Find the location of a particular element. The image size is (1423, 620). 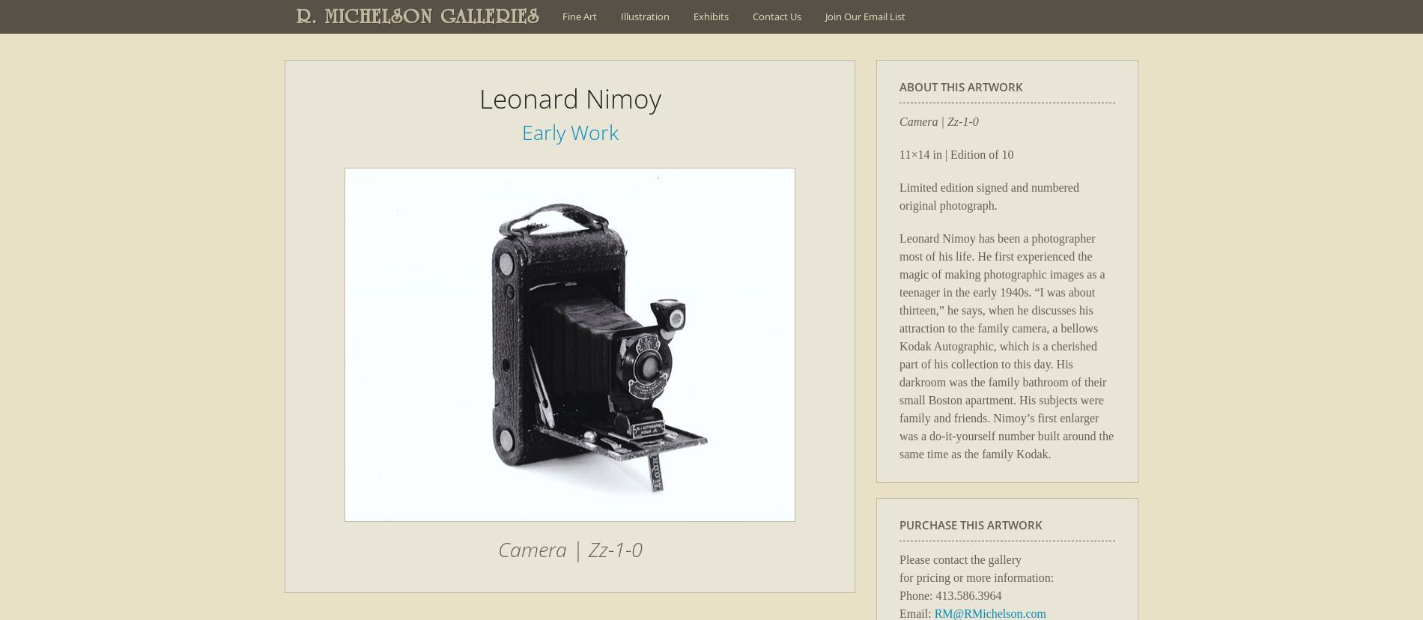

'R. MICHELSON GALLERIES' is located at coordinates (418, 16).